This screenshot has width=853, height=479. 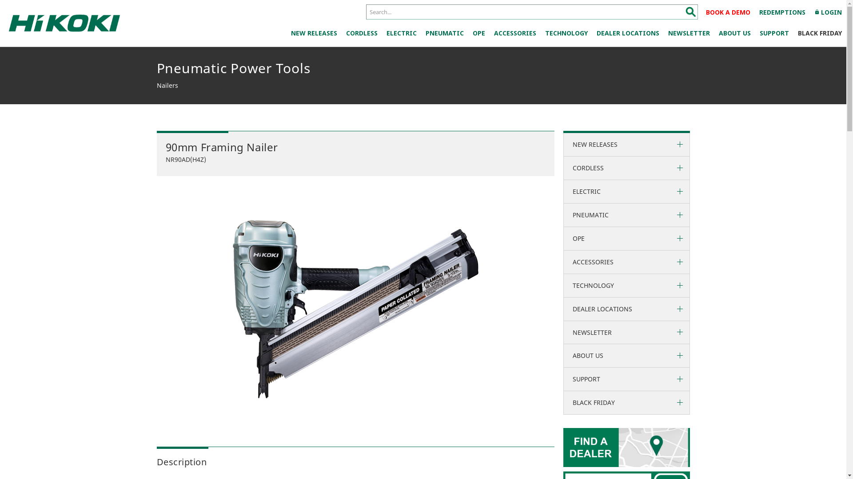 I want to click on 'NEWSLETTER', so click(x=626, y=332).